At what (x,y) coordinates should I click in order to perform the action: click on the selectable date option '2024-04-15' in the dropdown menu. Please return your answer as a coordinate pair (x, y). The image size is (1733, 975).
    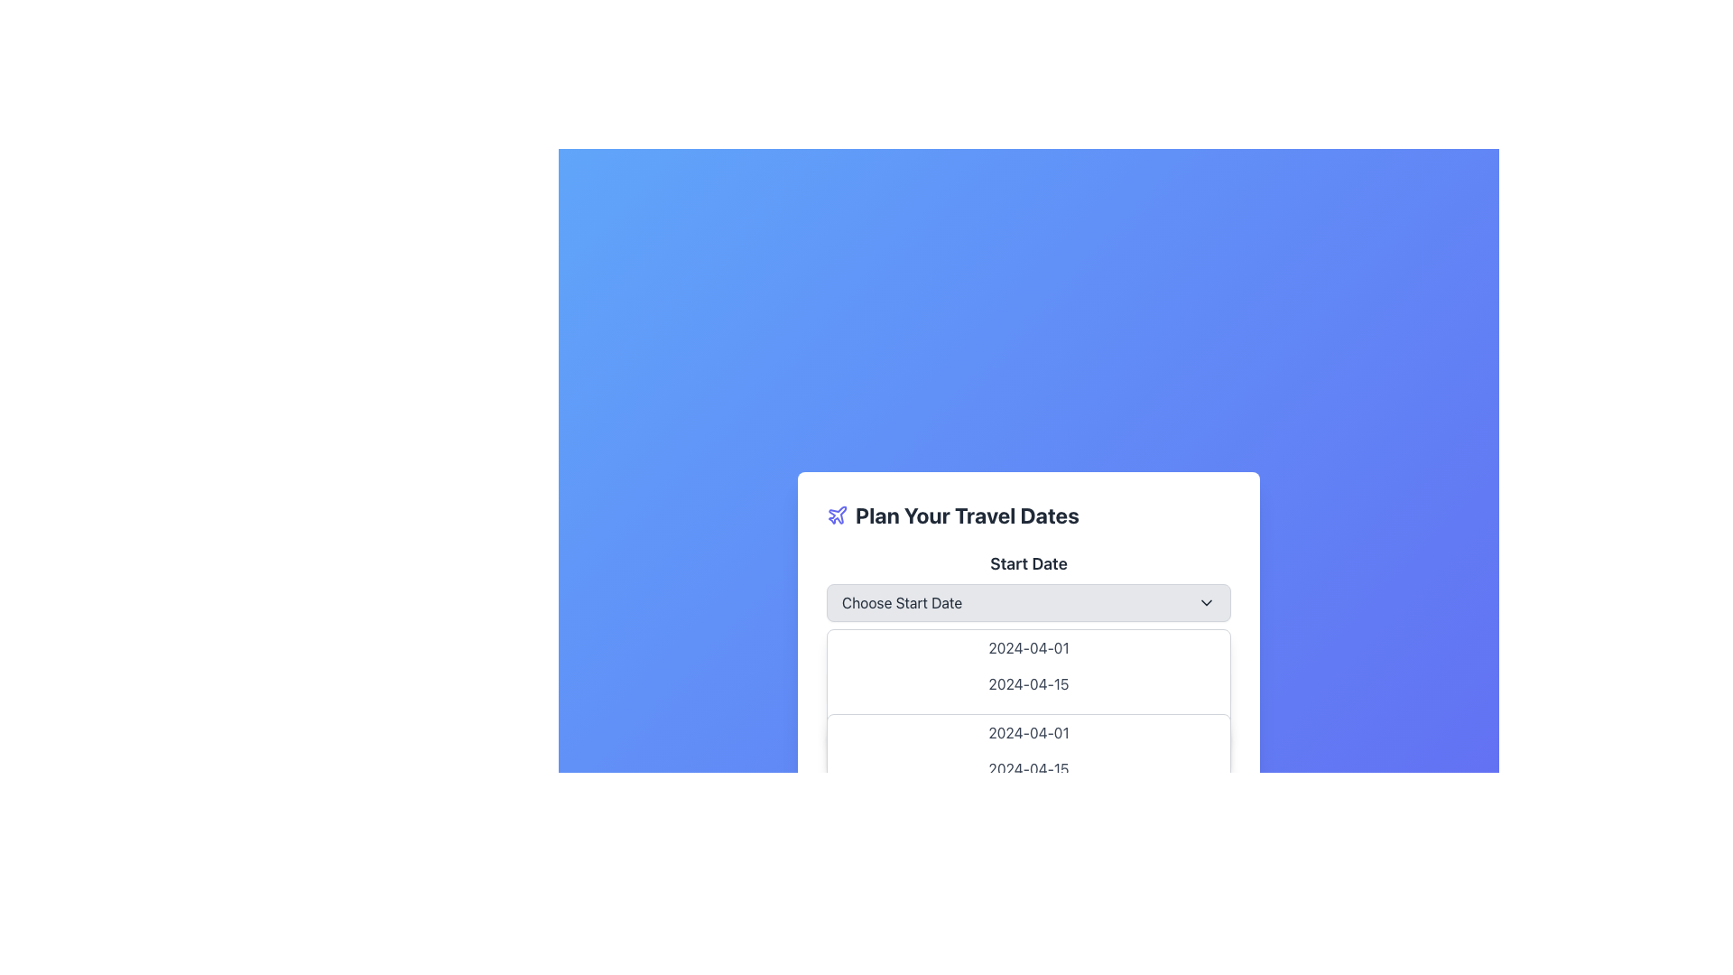
    Looking at the image, I should click on (1029, 769).